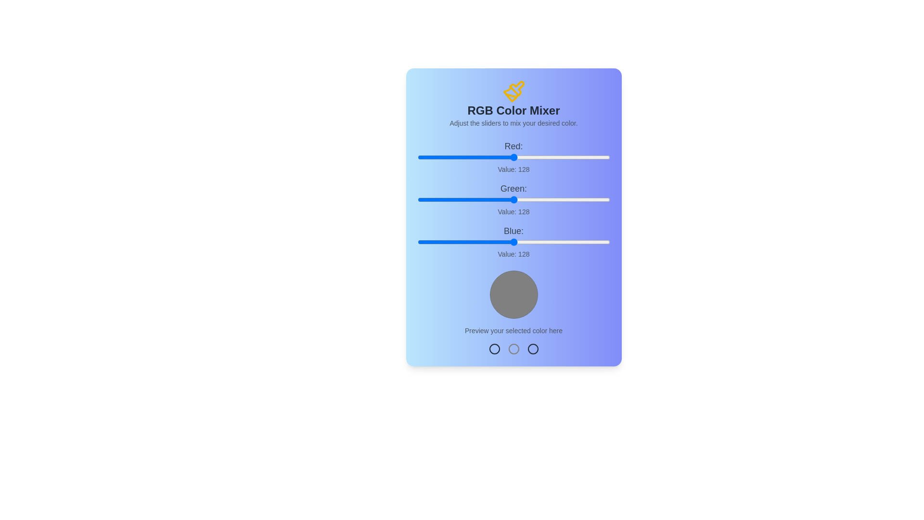 The width and height of the screenshot is (924, 520). Describe the element at coordinates (420, 157) in the screenshot. I see `the red slider to set the red component to 3` at that location.